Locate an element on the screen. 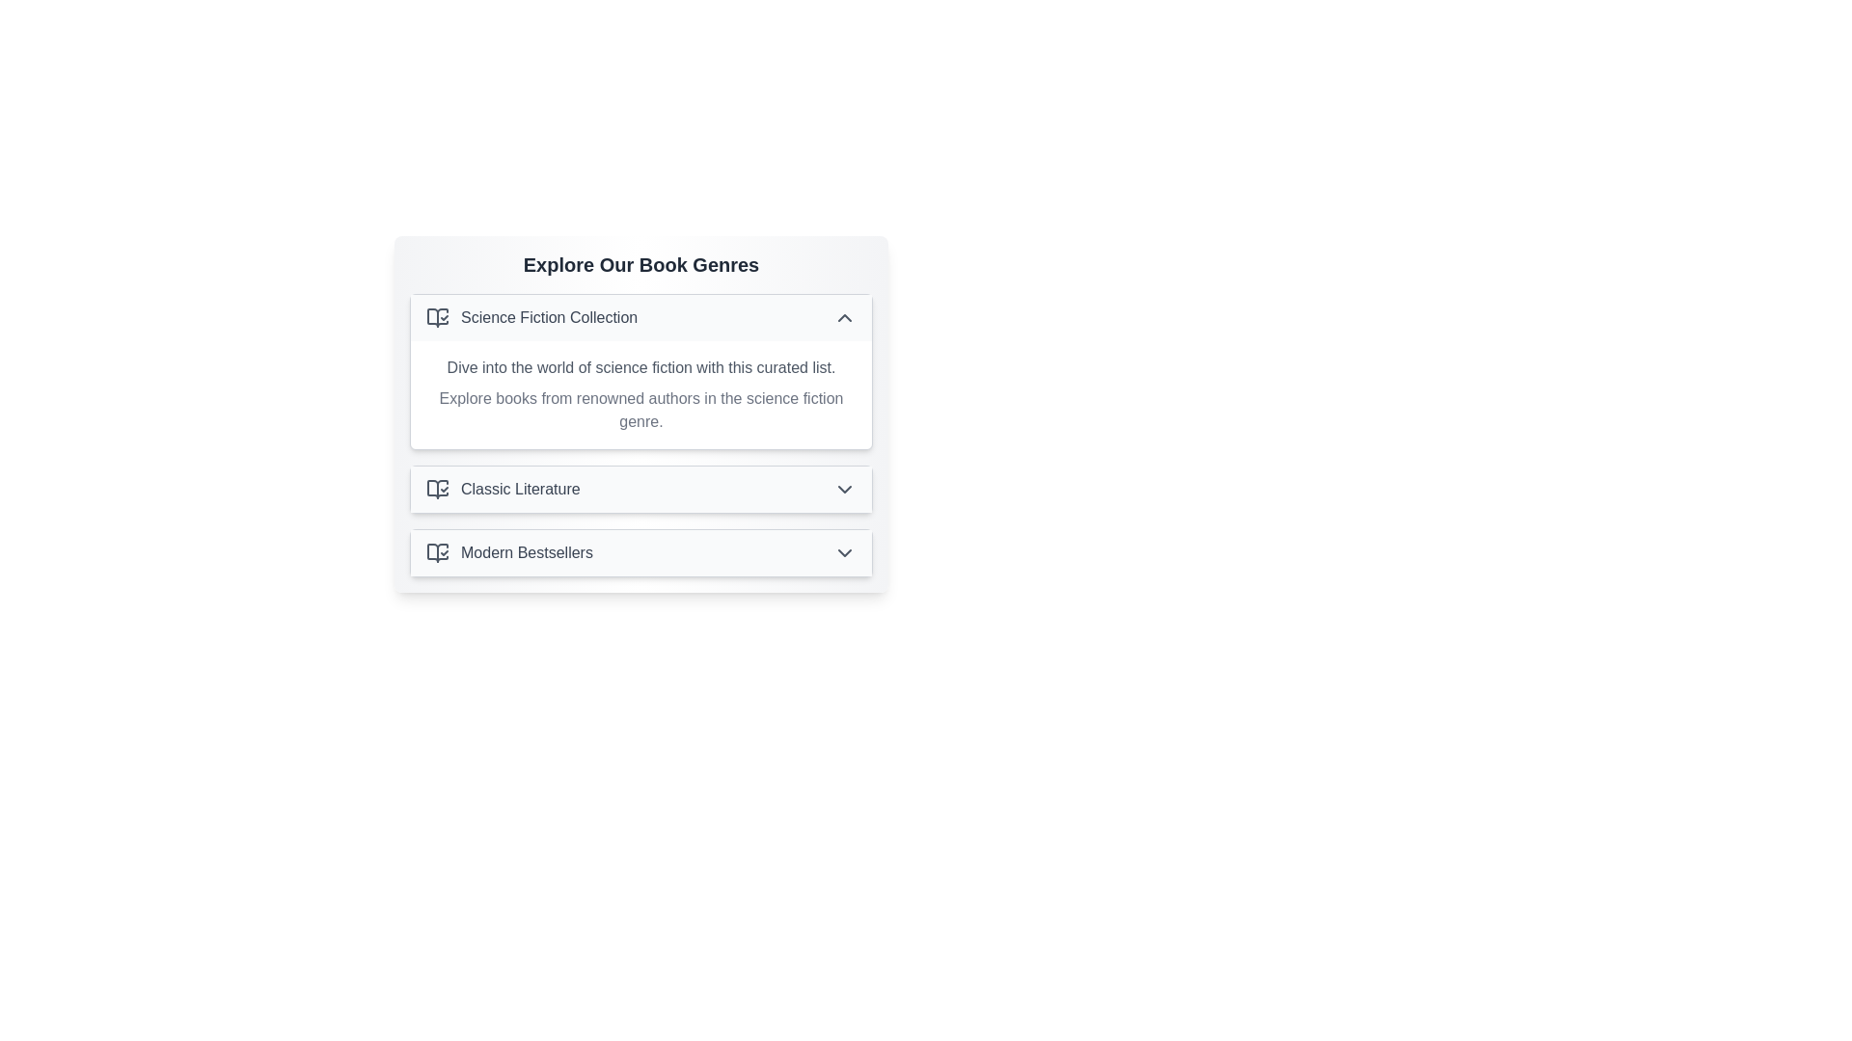 The width and height of the screenshot is (1852, 1041). the icon representing the 'Modern Bestsellers' category, which is the first element in a horizontal group aligned to the left of the 'Modern Bestsellers' text label is located at coordinates (437, 553).